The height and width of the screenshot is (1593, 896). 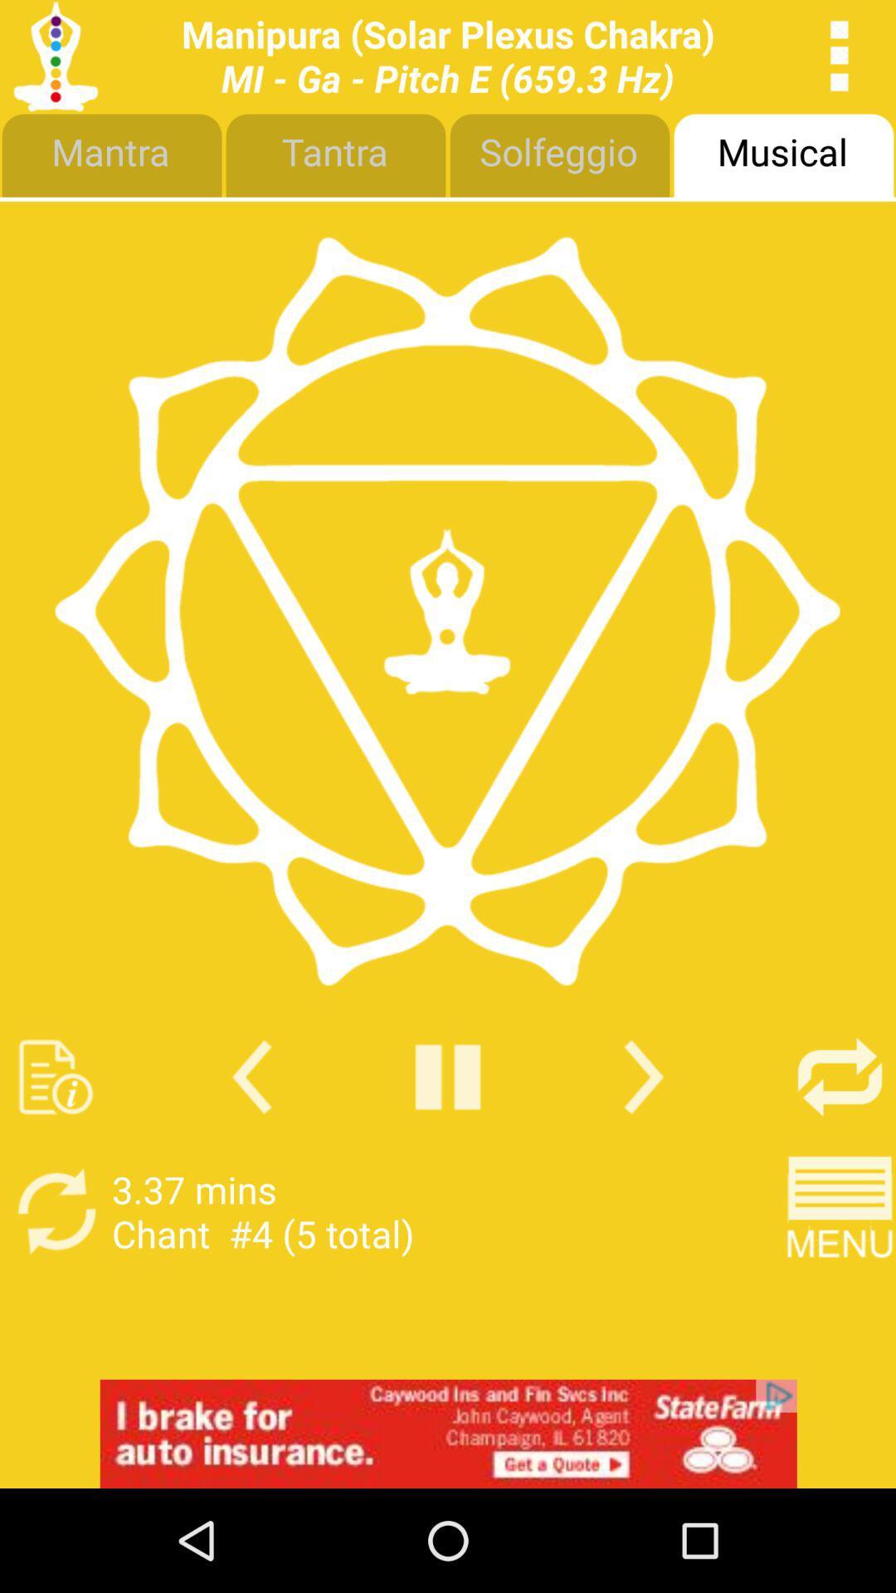 What do you see at coordinates (55, 1152) in the screenshot?
I see `the description icon` at bounding box center [55, 1152].